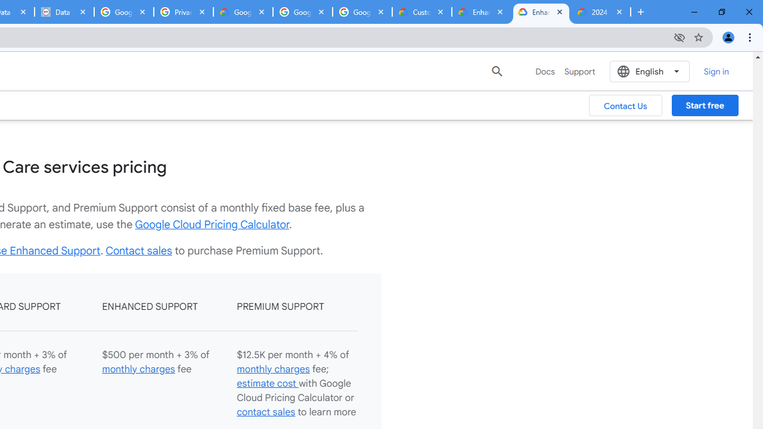  I want to click on 'Google Workspace - Specific Terms', so click(303, 12).